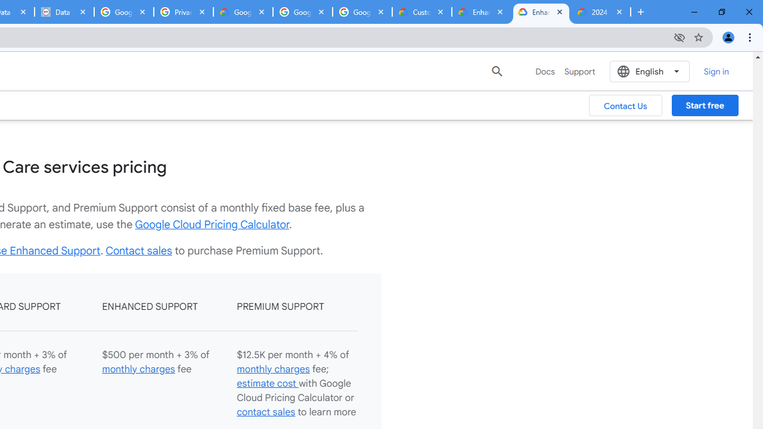  I want to click on 'Google Workspace - Specific Terms', so click(303, 12).